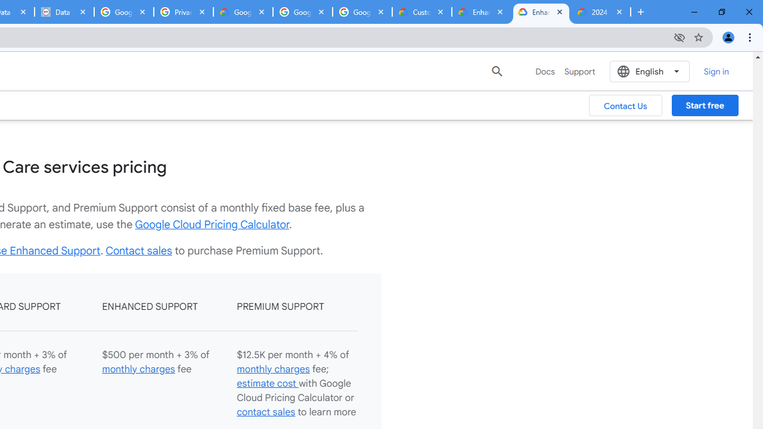  I want to click on 'Google Workspace - Specific Terms', so click(303, 12).